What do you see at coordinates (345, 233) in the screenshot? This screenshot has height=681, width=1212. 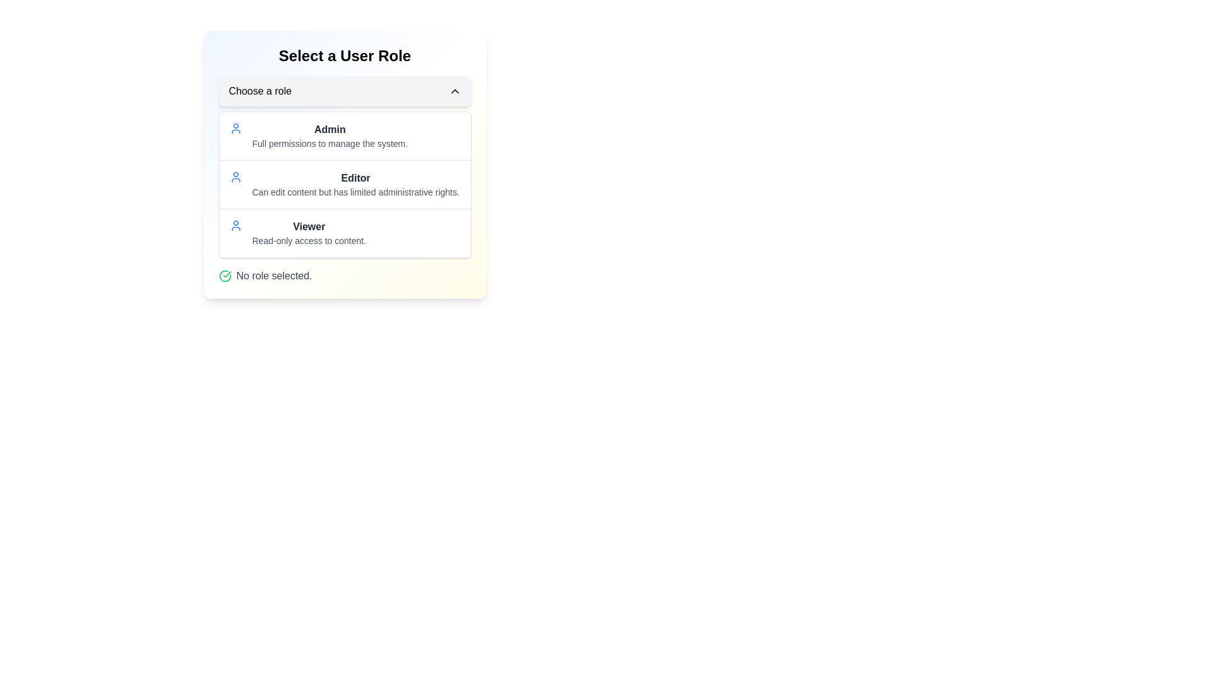 I see `the third list item labeled 'Viewer' in the 'Select a User Role' section, which contains a blue user icon and description 'Read-only access to content.'` at bounding box center [345, 233].